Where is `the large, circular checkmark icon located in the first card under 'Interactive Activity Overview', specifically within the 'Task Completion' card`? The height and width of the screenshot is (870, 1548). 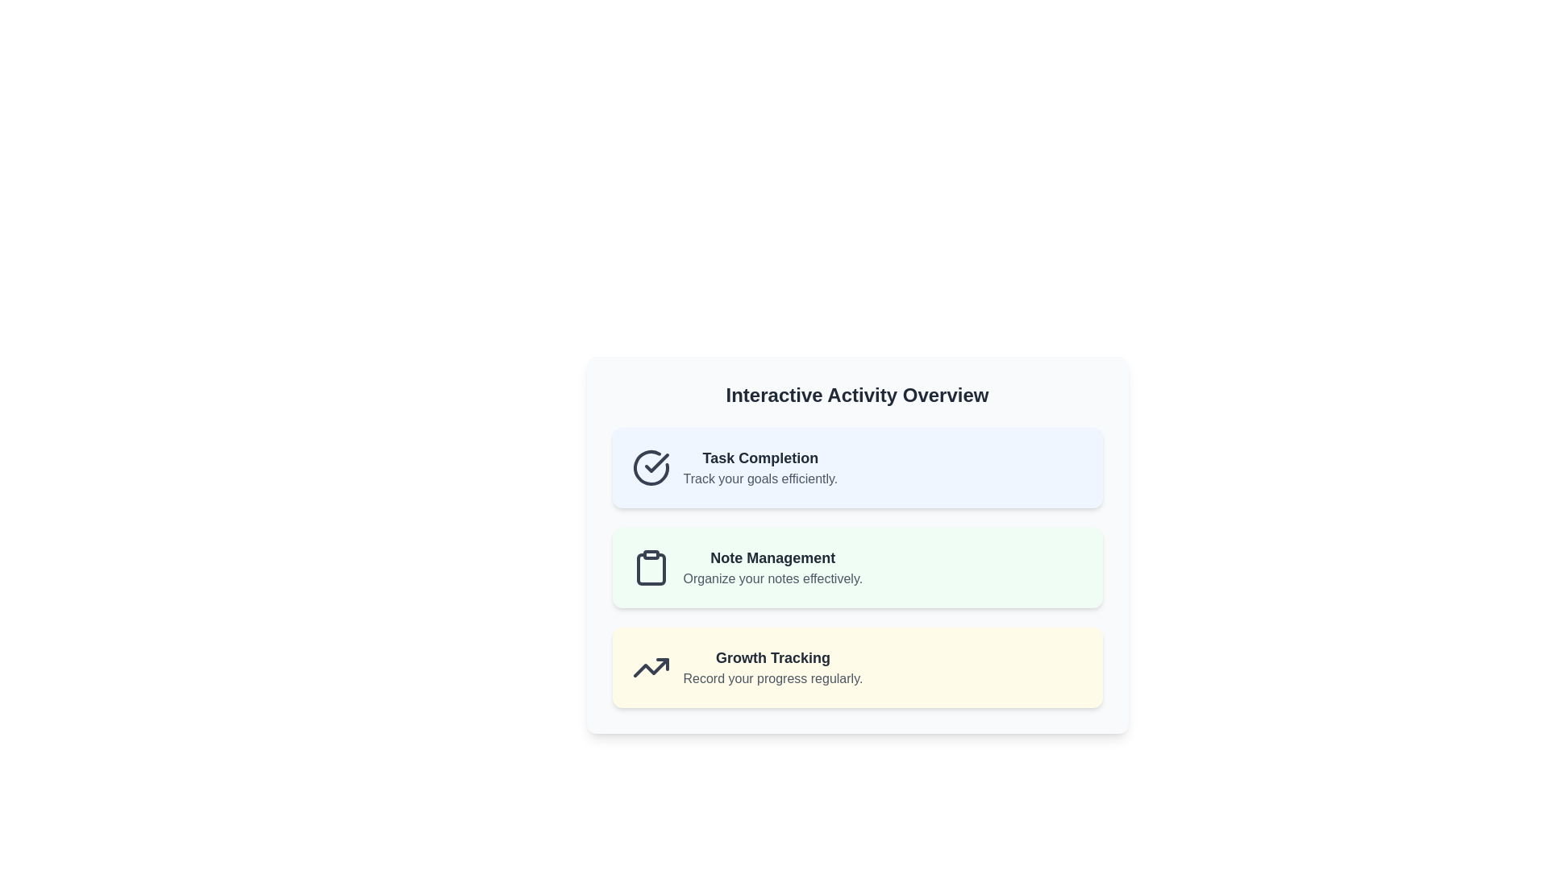
the large, circular checkmark icon located in the first card under 'Interactive Activity Overview', specifically within the 'Task Completion' card is located at coordinates (651, 468).